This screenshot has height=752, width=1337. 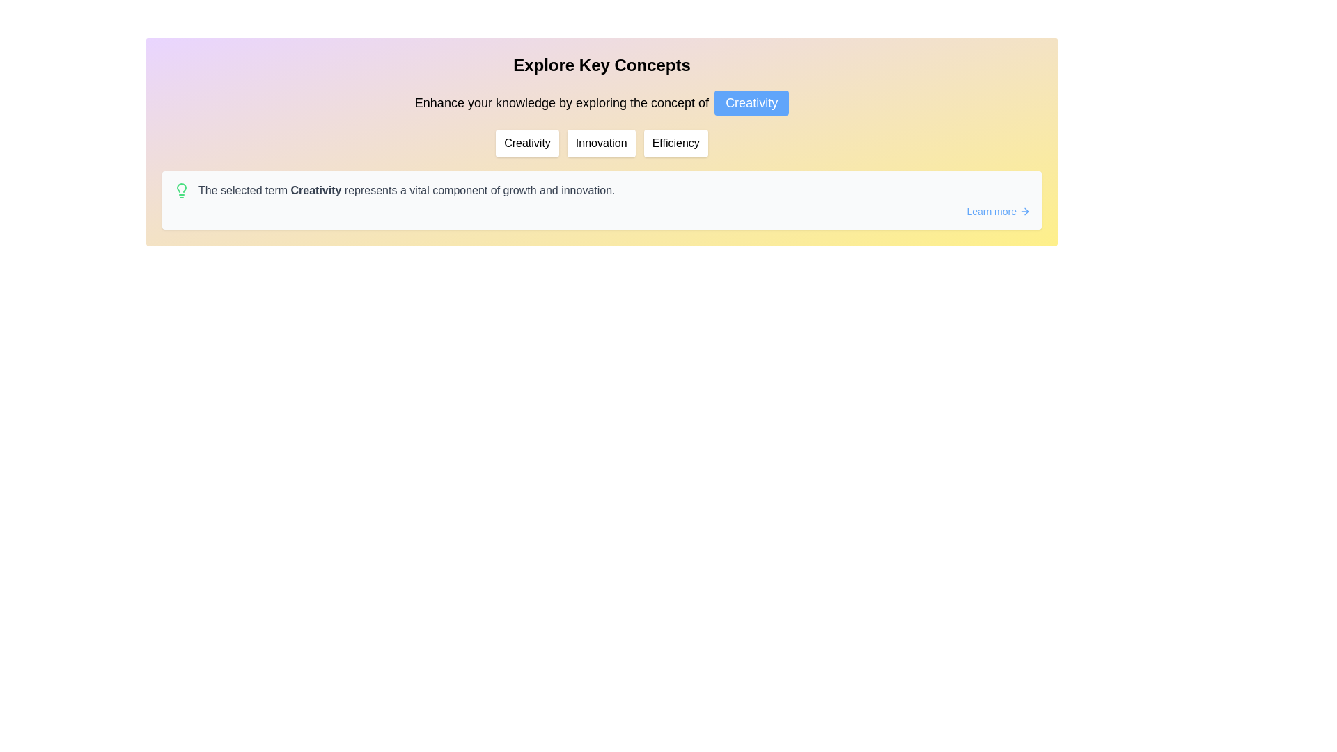 What do you see at coordinates (315, 190) in the screenshot?
I see `and interpret the highlighted term 'Creativity' within the description card, which emphasizes its role as a vital component of growth and innovation` at bounding box center [315, 190].